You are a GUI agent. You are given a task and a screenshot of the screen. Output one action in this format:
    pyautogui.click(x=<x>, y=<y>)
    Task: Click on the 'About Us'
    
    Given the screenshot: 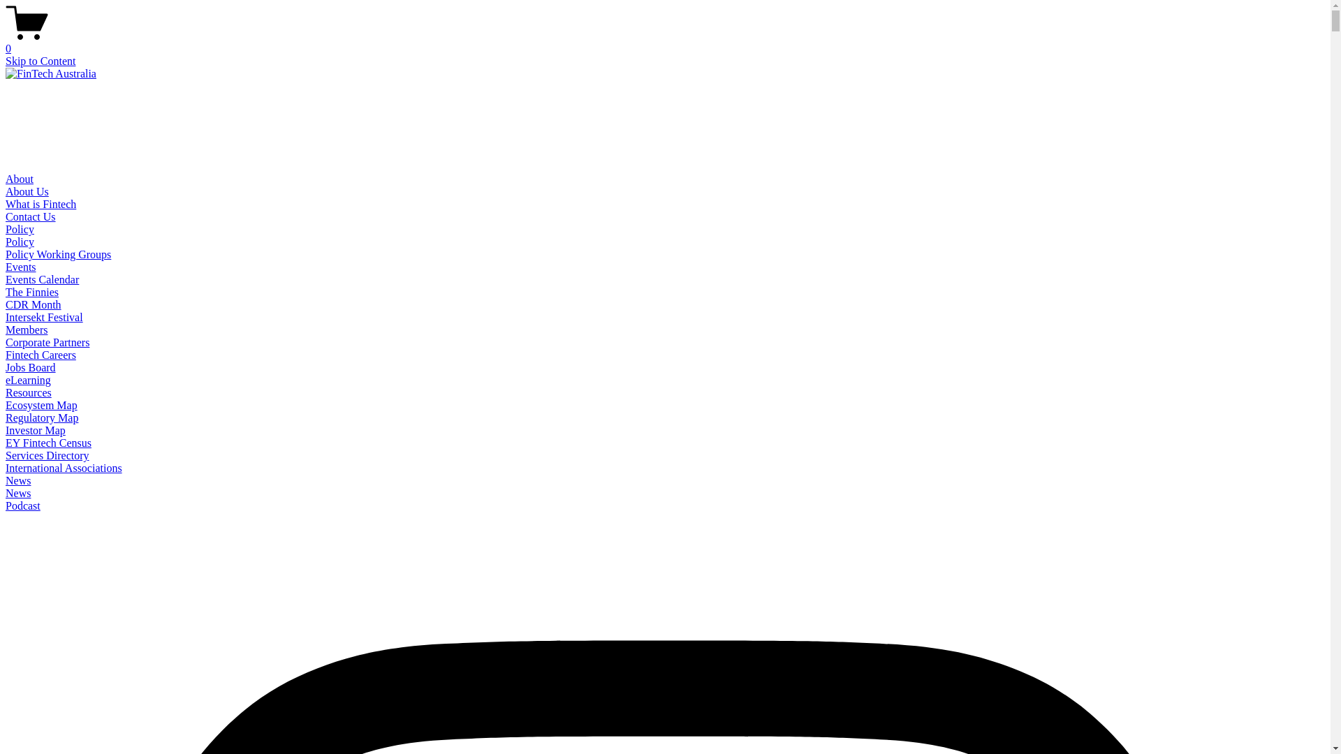 What is the action you would take?
    pyautogui.click(x=27, y=191)
    